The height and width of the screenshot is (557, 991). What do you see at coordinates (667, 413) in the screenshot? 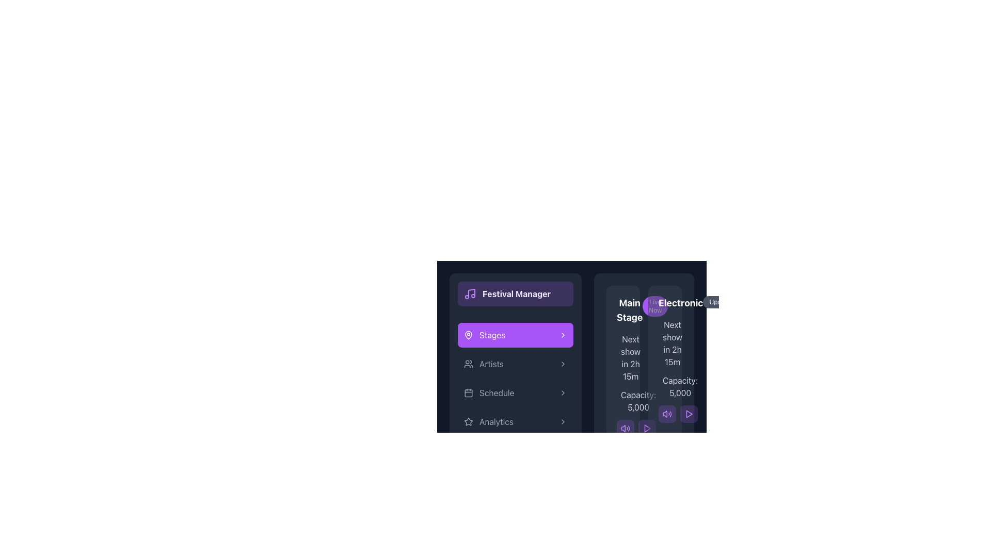
I see `the sound toggle button located in the bottom section of the 'Electronic Stage' panel` at bounding box center [667, 413].